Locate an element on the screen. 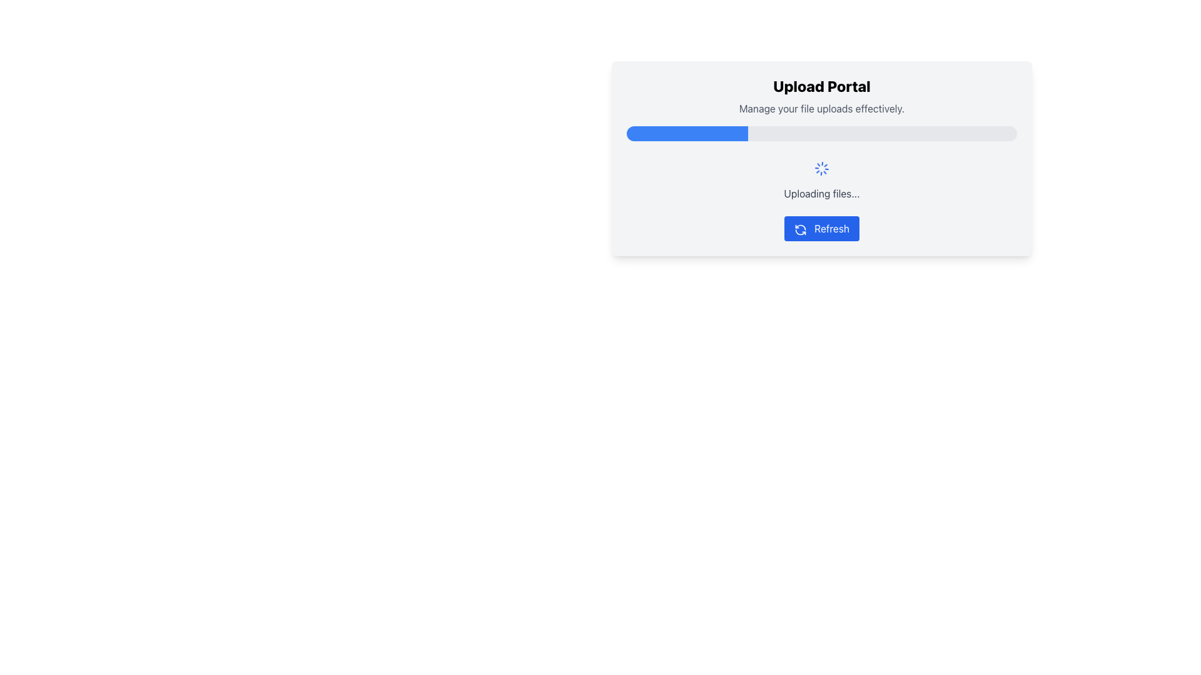 This screenshot has height=675, width=1201. the static text heading that serves as the title of the section, which is centrally located at the top of the card interface is located at coordinates (822, 86).